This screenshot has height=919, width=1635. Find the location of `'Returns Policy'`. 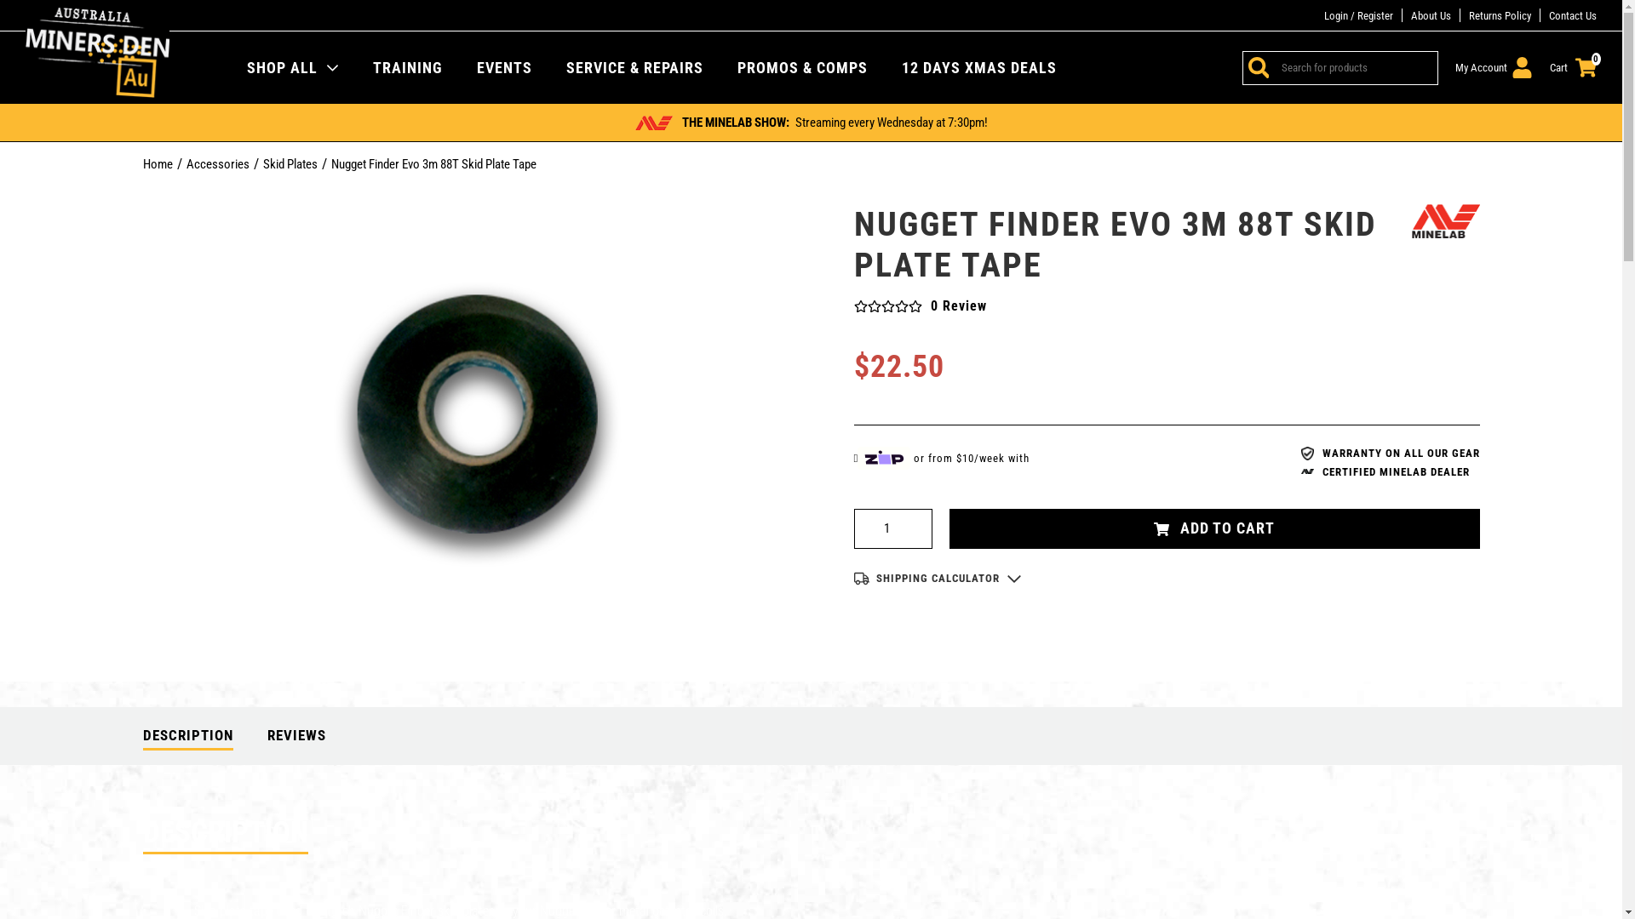

'Returns Policy' is located at coordinates (1500, 15).